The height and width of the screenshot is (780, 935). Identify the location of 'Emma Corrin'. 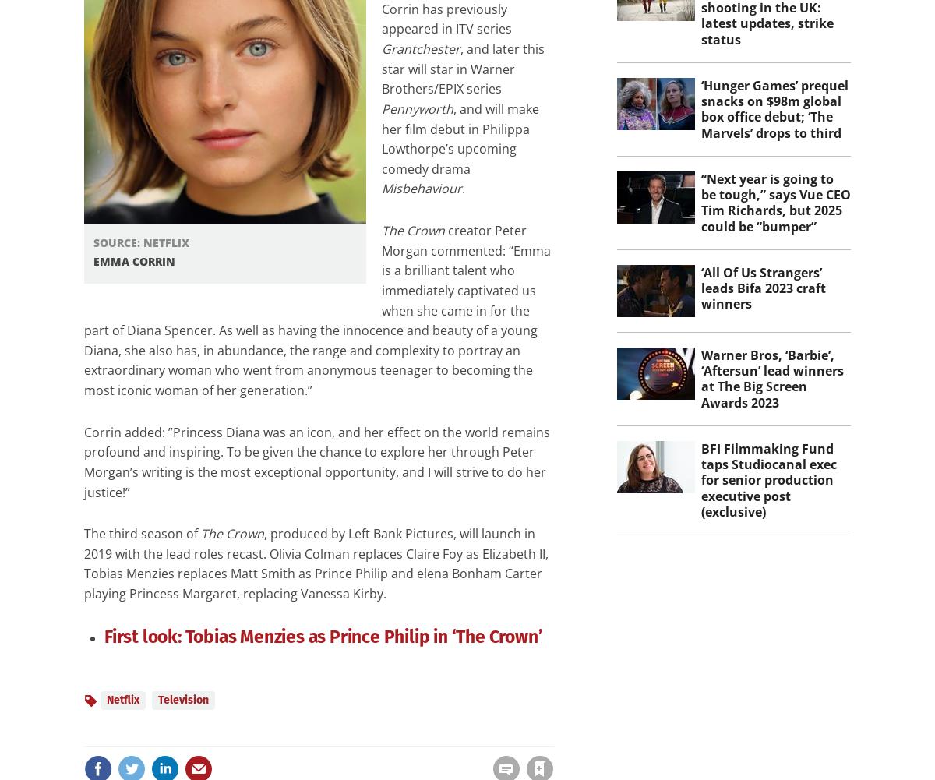
(133, 261).